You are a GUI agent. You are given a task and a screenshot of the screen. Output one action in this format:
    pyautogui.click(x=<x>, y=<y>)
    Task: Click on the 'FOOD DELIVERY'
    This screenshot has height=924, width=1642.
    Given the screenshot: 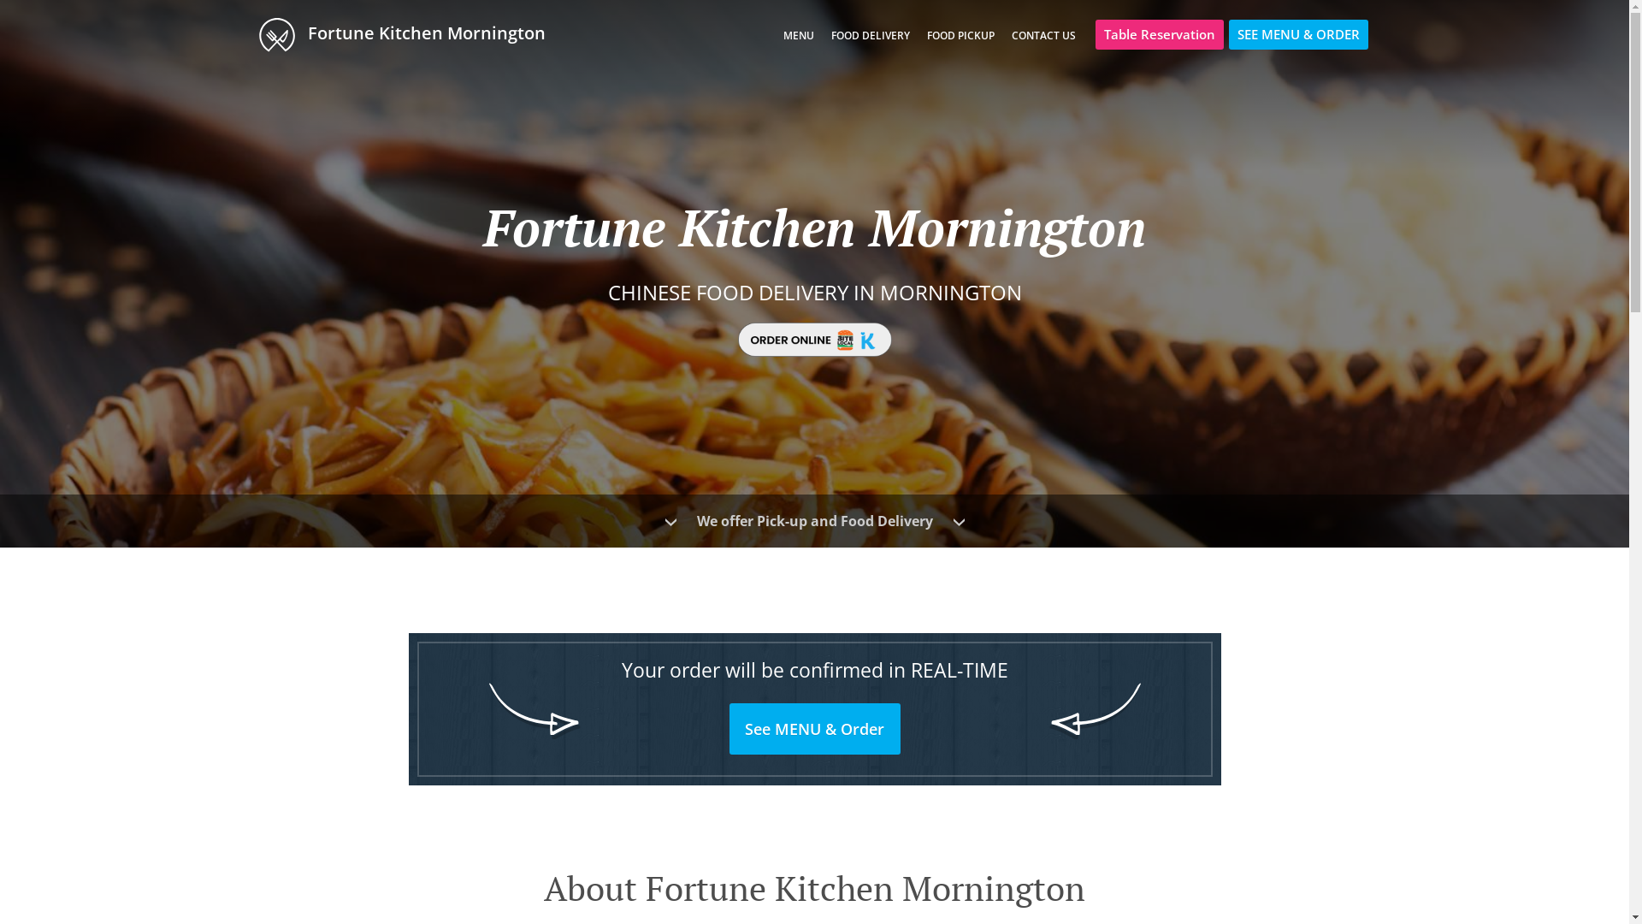 What is the action you would take?
    pyautogui.click(x=870, y=35)
    